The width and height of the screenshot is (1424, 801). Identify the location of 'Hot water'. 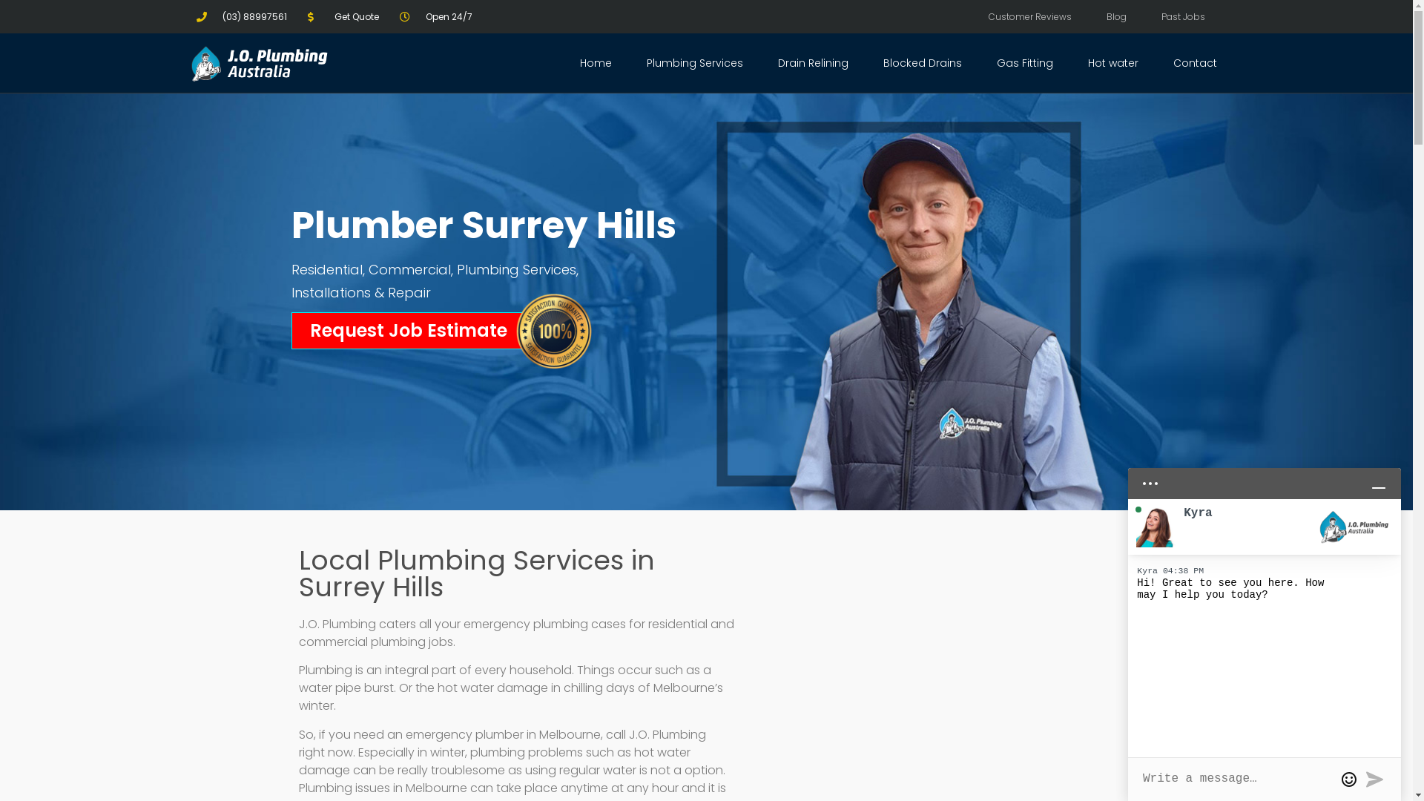
(1075, 62).